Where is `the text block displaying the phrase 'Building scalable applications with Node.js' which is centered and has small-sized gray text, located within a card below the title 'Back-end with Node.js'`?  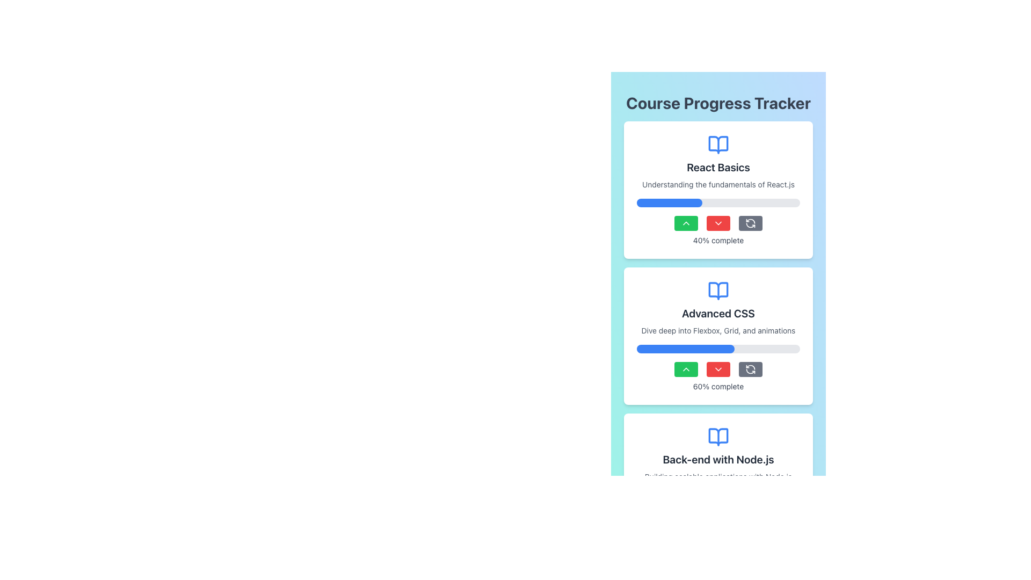
the text block displaying the phrase 'Building scalable applications with Node.js' which is centered and has small-sized gray text, located within a card below the title 'Back-end with Node.js' is located at coordinates (718, 476).